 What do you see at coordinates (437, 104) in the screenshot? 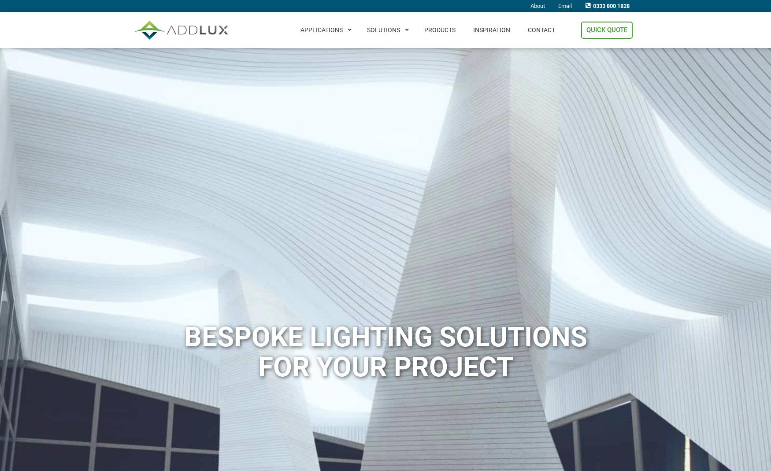
I see `'Lift Car LED Lighting'` at bounding box center [437, 104].